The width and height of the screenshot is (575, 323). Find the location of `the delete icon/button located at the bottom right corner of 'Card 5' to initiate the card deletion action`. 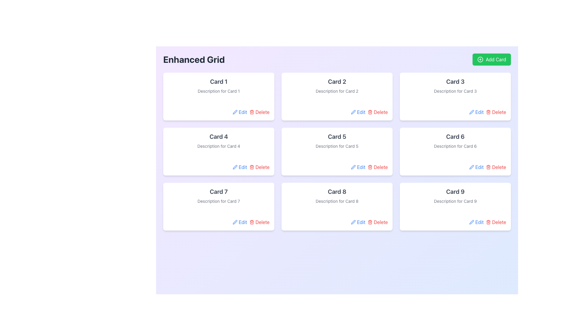

the delete icon/button located at the bottom right corner of 'Card 5' to initiate the card deletion action is located at coordinates (370, 167).